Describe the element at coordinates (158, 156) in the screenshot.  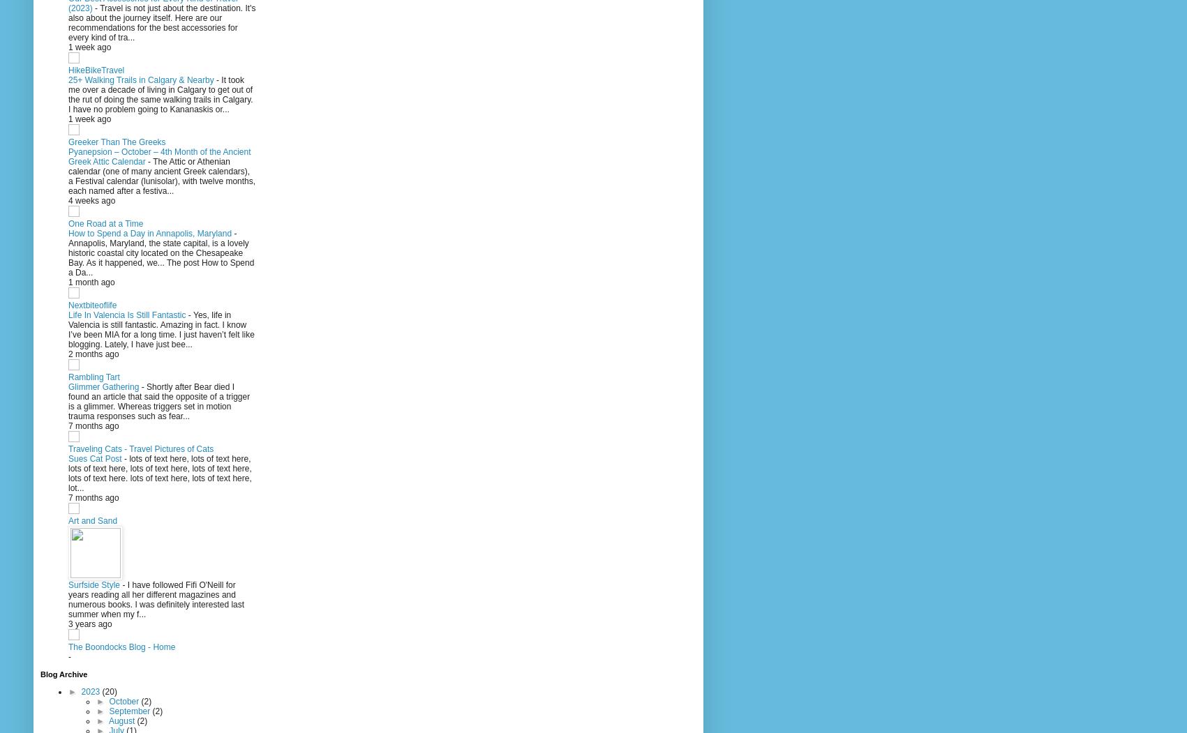
I see `'Pyanepsion – October – 4th Month of the Ancient Greek Attic Calendar'` at that location.